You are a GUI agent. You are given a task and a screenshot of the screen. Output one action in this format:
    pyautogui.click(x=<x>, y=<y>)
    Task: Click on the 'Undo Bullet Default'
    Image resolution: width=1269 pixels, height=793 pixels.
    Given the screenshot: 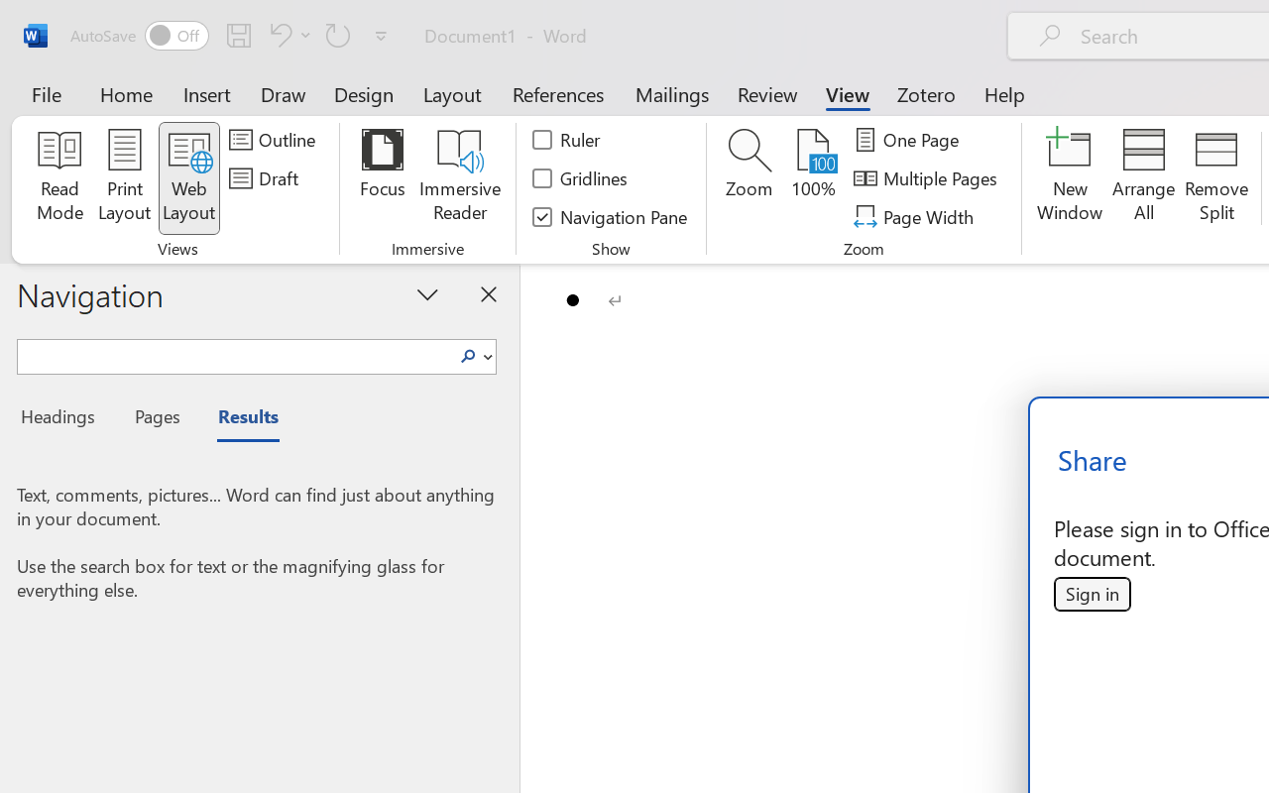 What is the action you would take?
    pyautogui.click(x=287, y=34)
    